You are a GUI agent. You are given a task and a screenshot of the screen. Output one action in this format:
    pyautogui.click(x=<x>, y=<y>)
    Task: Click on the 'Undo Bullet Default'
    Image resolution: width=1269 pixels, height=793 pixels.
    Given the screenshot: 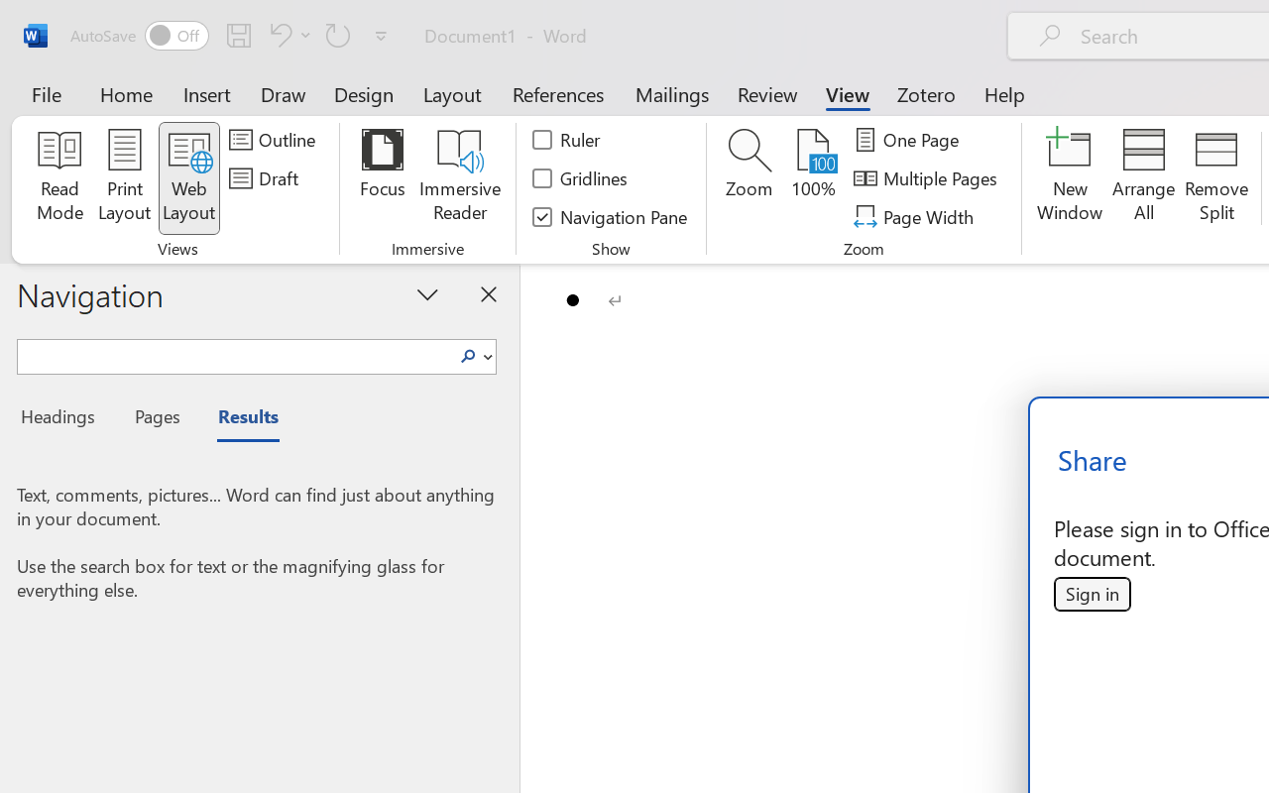 What is the action you would take?
    pyautogui.click(x=287, y=34)
    